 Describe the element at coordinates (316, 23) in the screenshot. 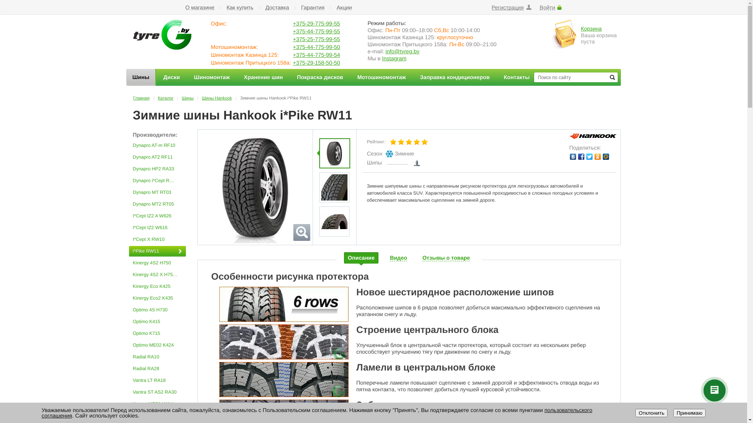

I see `'+375-29-775-99-55'` at that location.